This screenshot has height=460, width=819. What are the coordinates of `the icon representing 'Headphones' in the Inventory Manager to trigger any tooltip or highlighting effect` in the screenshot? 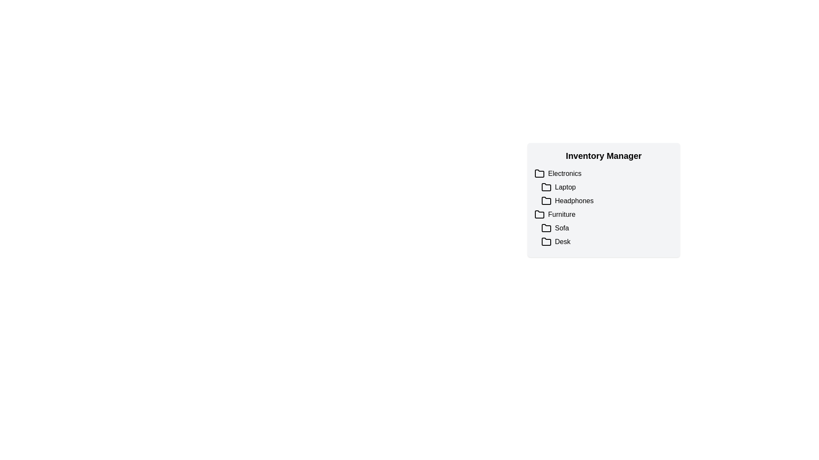 It's located at (546, 201).